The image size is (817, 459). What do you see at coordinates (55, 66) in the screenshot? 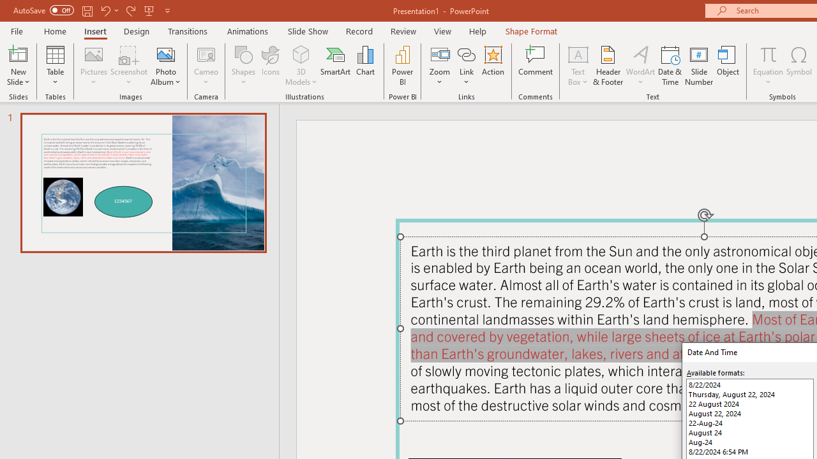
I see `'Table'` at bounding box center [55, 66].